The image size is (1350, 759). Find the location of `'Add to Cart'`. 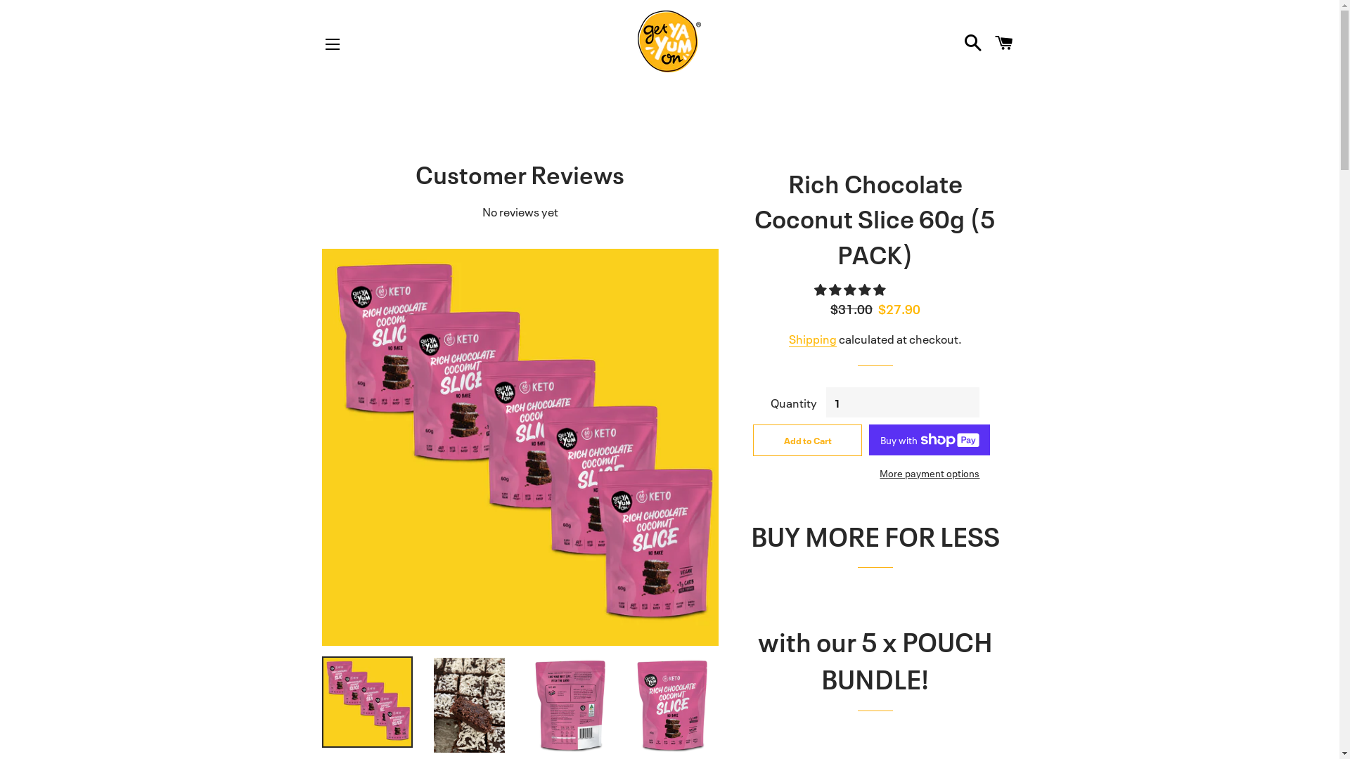

'Add to Cart' is located at coordinates (752, 439).